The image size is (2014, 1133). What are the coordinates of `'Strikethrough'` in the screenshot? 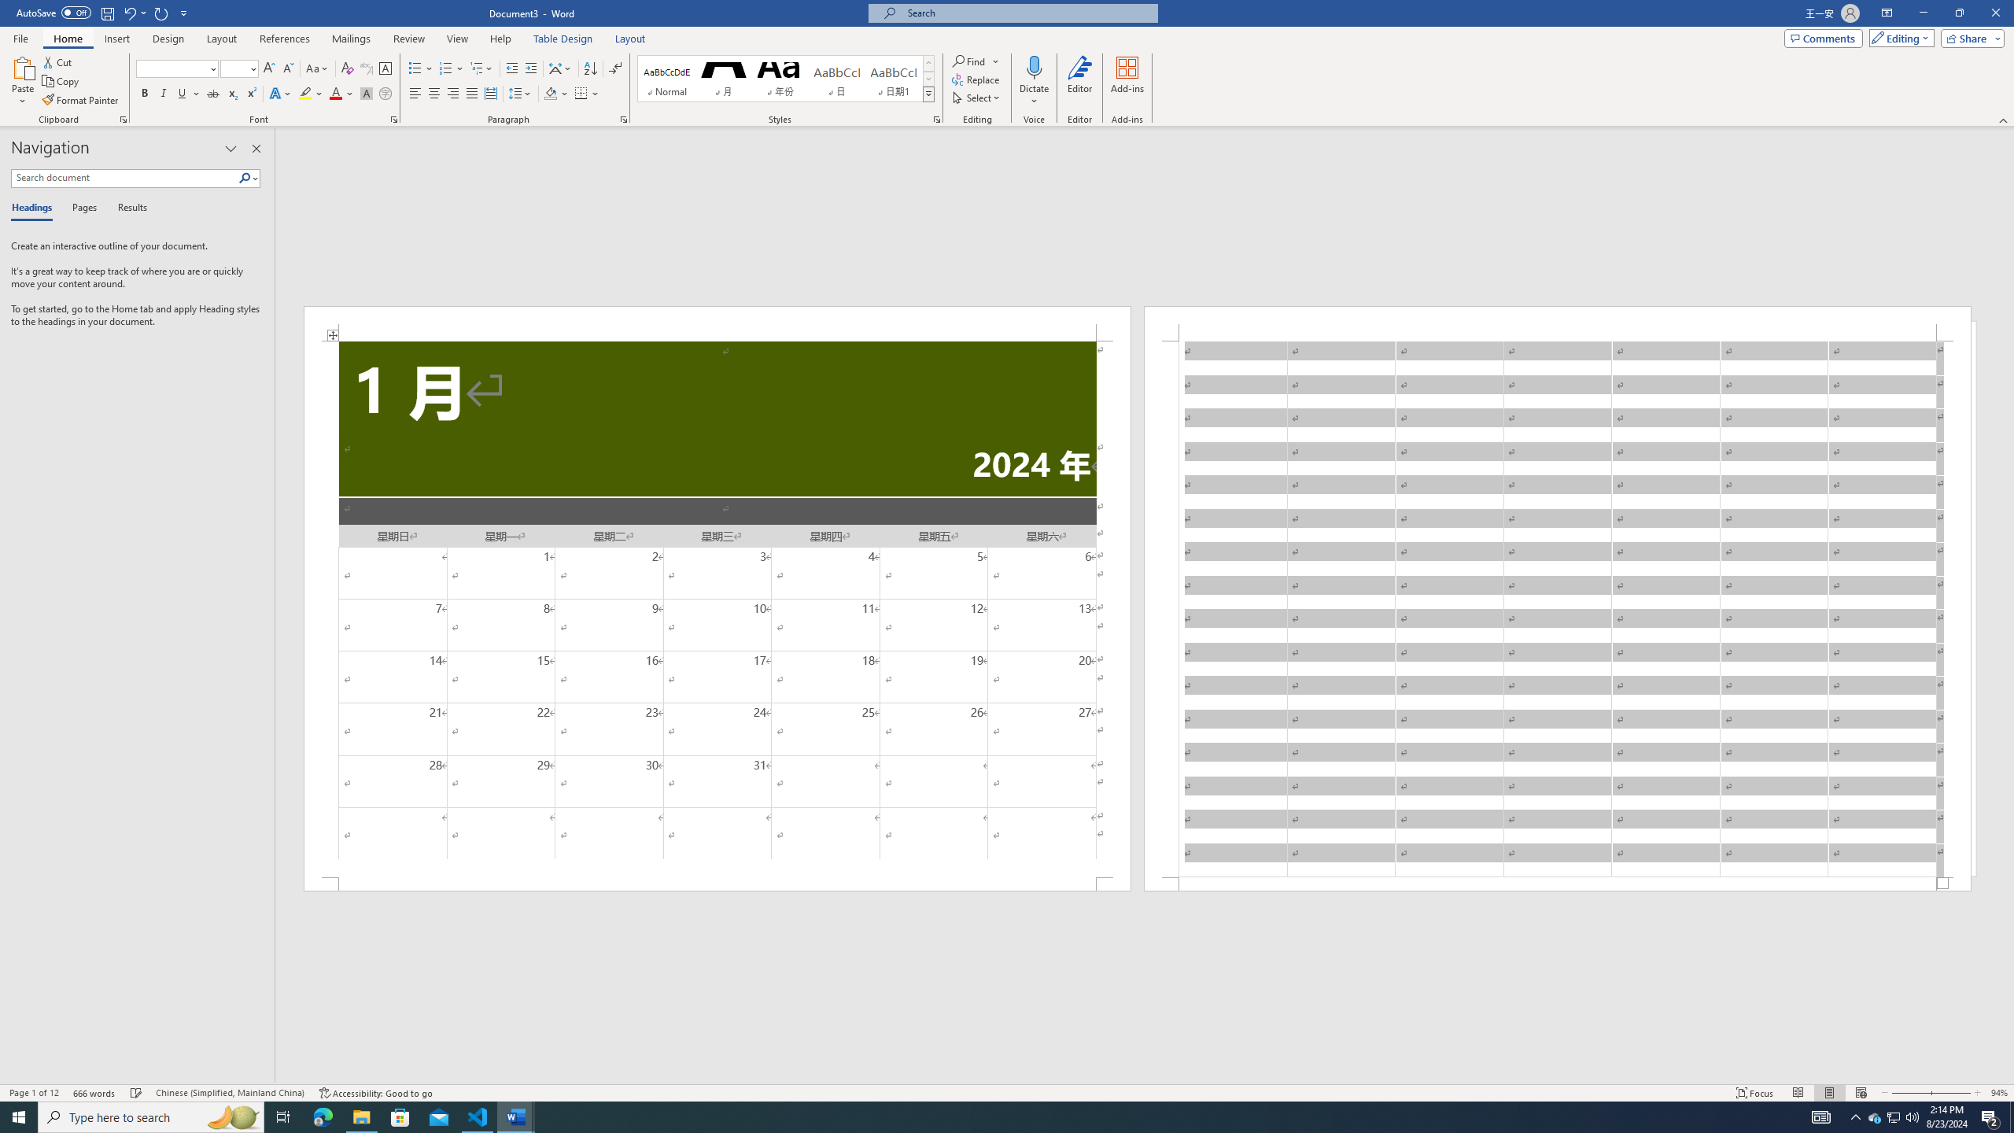 It's located at (212, 93).